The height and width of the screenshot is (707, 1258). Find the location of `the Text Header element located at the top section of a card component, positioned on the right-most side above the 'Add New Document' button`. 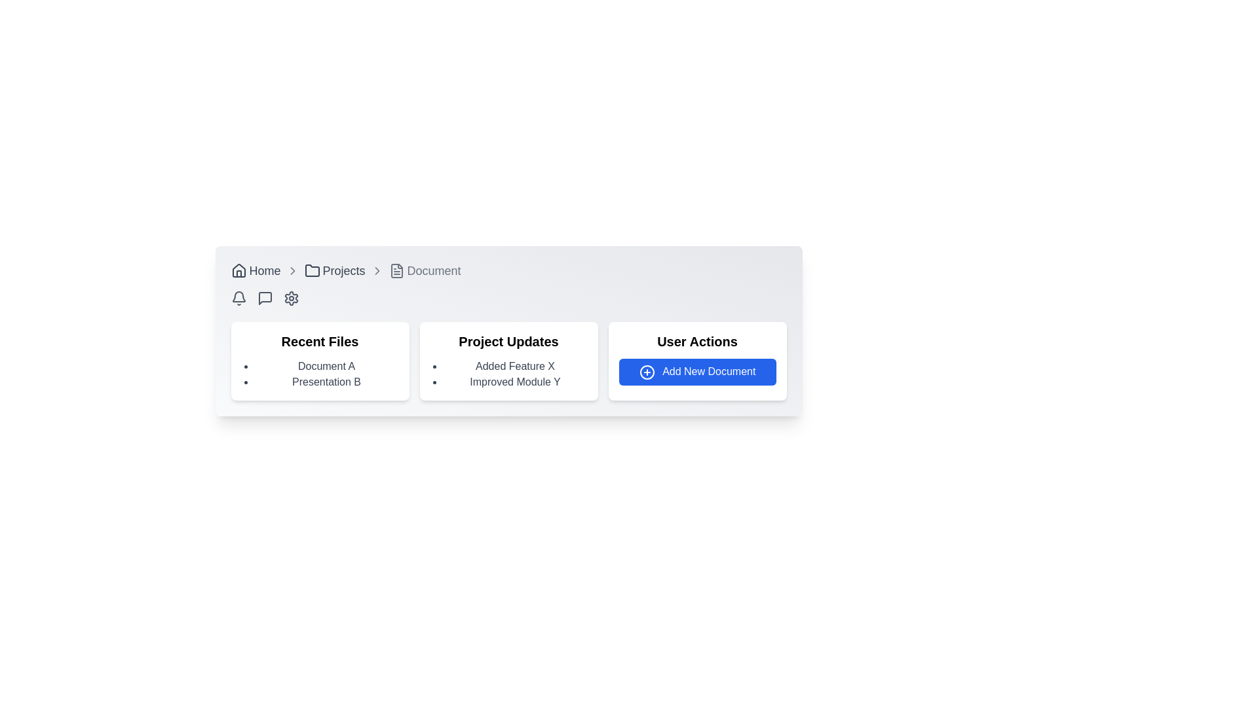

the Text Header element located at the top section of a card component, positioned on the right-most side above the 'Add New Document' button is located at coordinates (696, 340).